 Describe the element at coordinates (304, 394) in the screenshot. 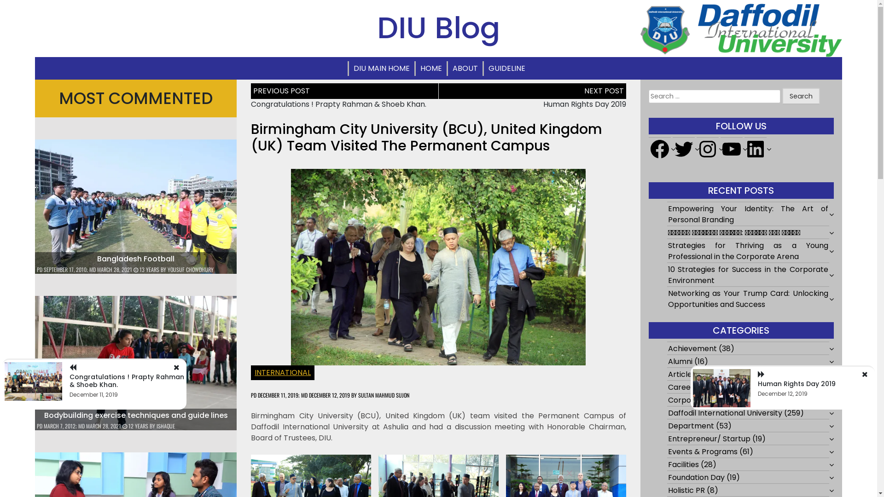

I see `'DECEMBER 11, 2019; MD DECEMBER 12, 2019'` at that location.